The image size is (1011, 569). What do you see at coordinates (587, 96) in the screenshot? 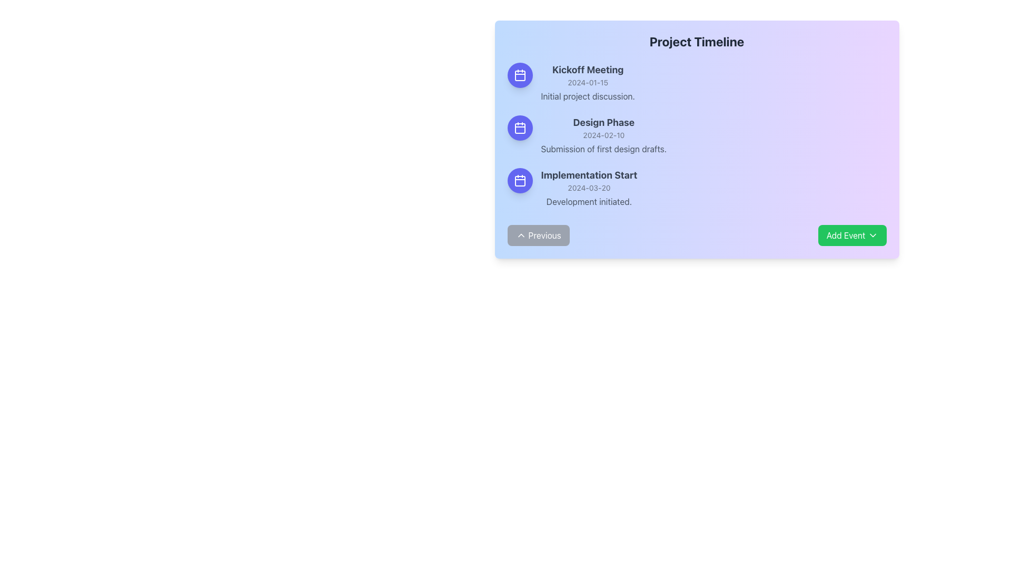
I see `the text element that displays 'Initial project discussion.' located beneath the date '2024-01-15' in the 'Kickoff Meeting' event block` at bounding box center [587, 96].